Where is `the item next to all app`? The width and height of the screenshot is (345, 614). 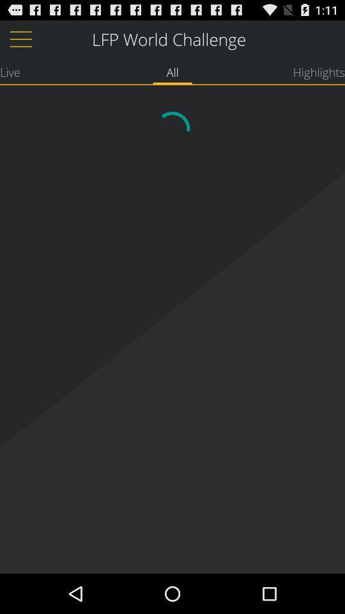 the item next to all app is located at coordinates (318, 72).